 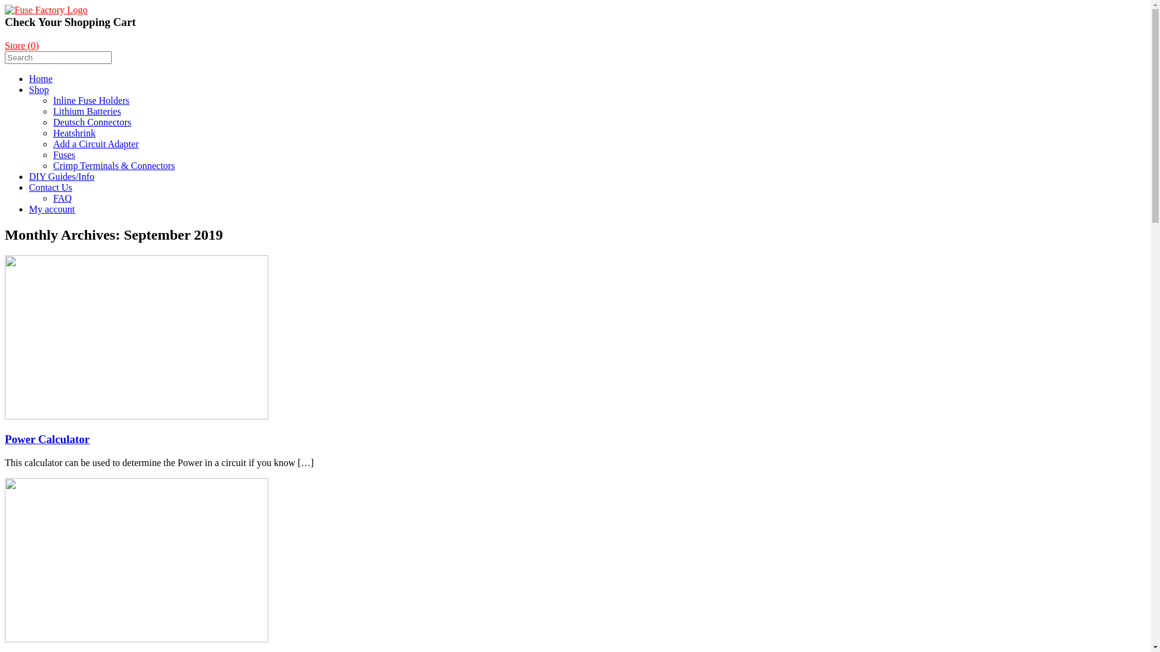 What do you see at coordinates (39, 89) in the screenshot?
I see `'Shop'` at bounding box center [39, 89].